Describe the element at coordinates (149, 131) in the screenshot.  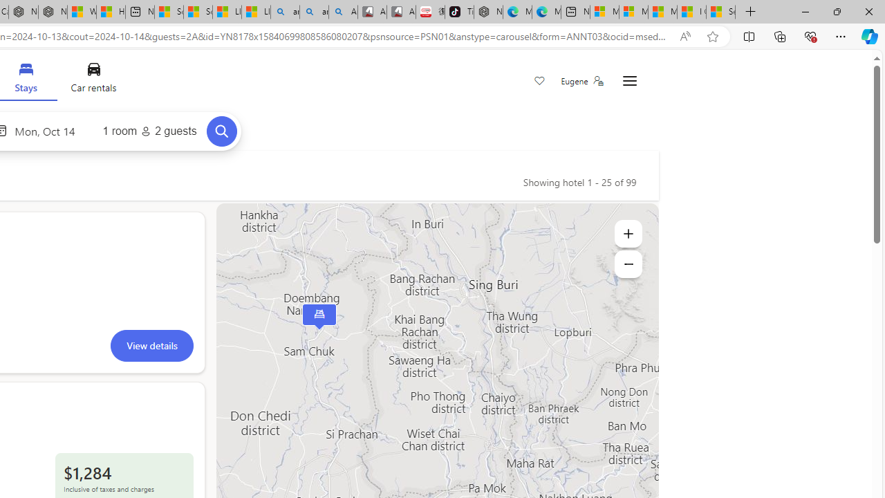
I see `'1 room2 guests'` at that location.